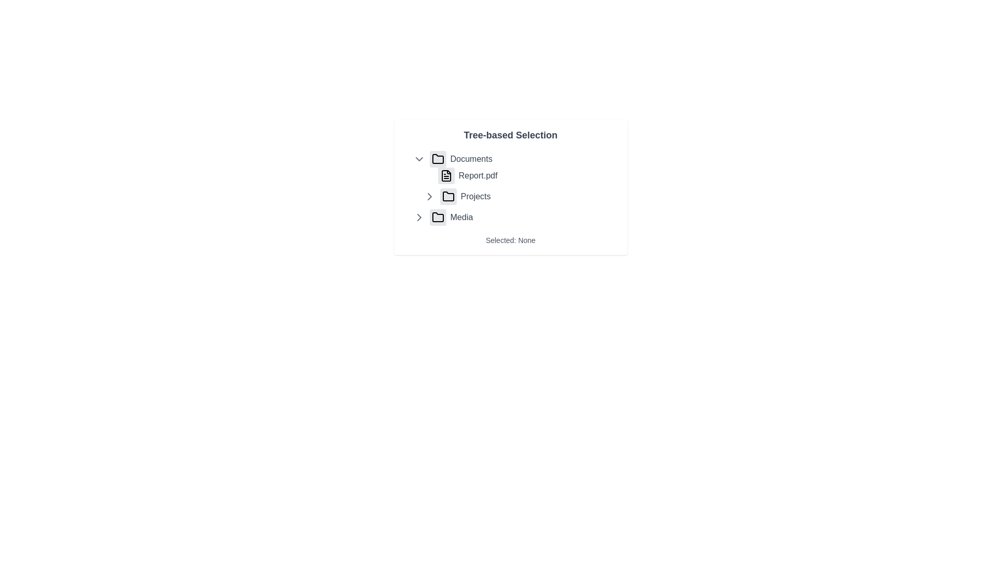 Image resolution: width=999 pixels, height=562 pixels. Describe the element at coordinates (438, 216) in the screenshot. I see `the folder icon located to the right of the 'Media' label` at that location.